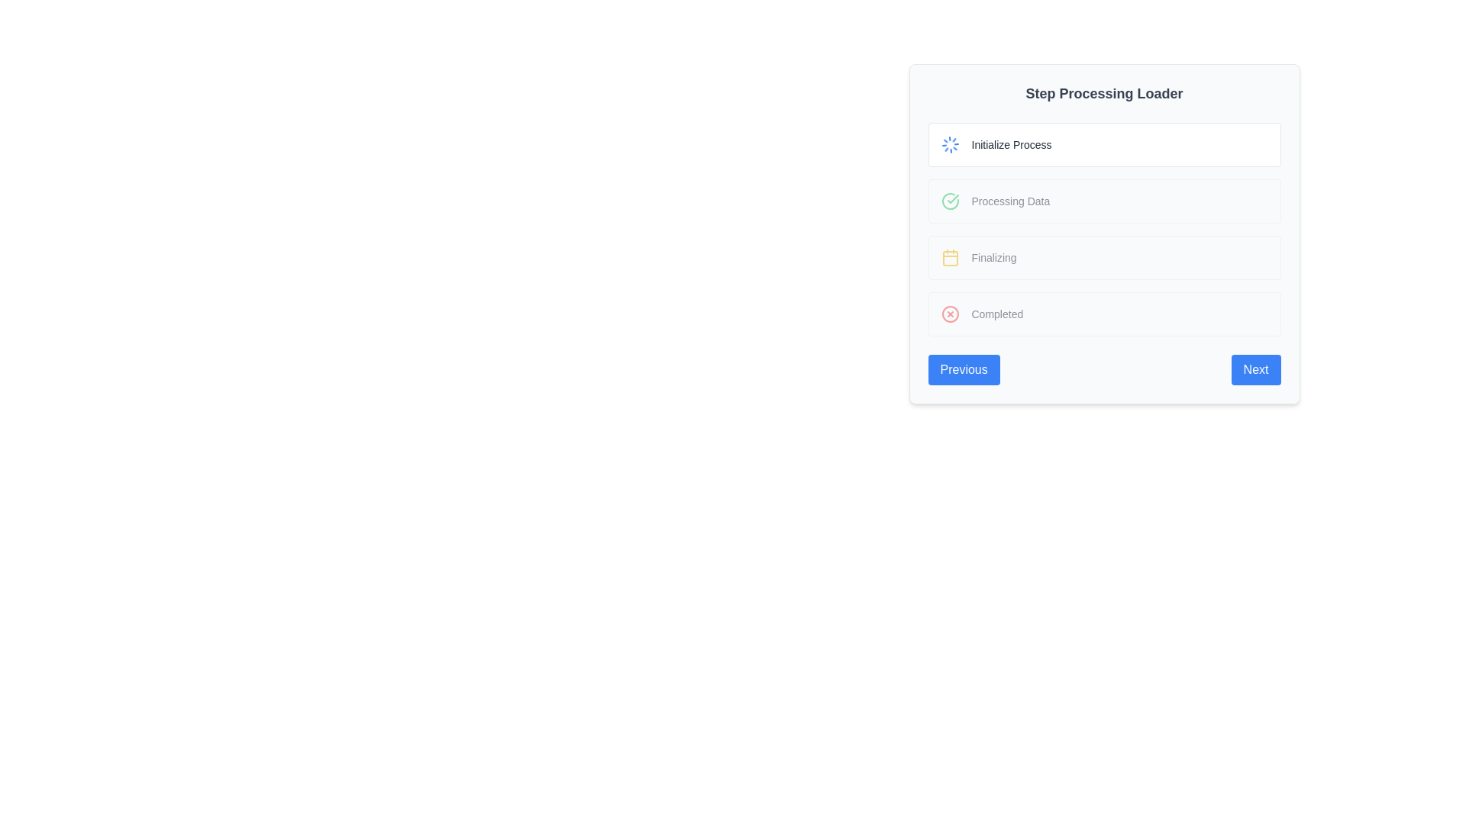 Image resolution: width=1466 pixels, height=824 pixels. What do you see at coordinates (1104, 144) in the screenshot?
I see `title of the 'Initialize Process' step on the informational card located at the uppermost position in the sequential process viewer` at bounding box center [1104, 144].